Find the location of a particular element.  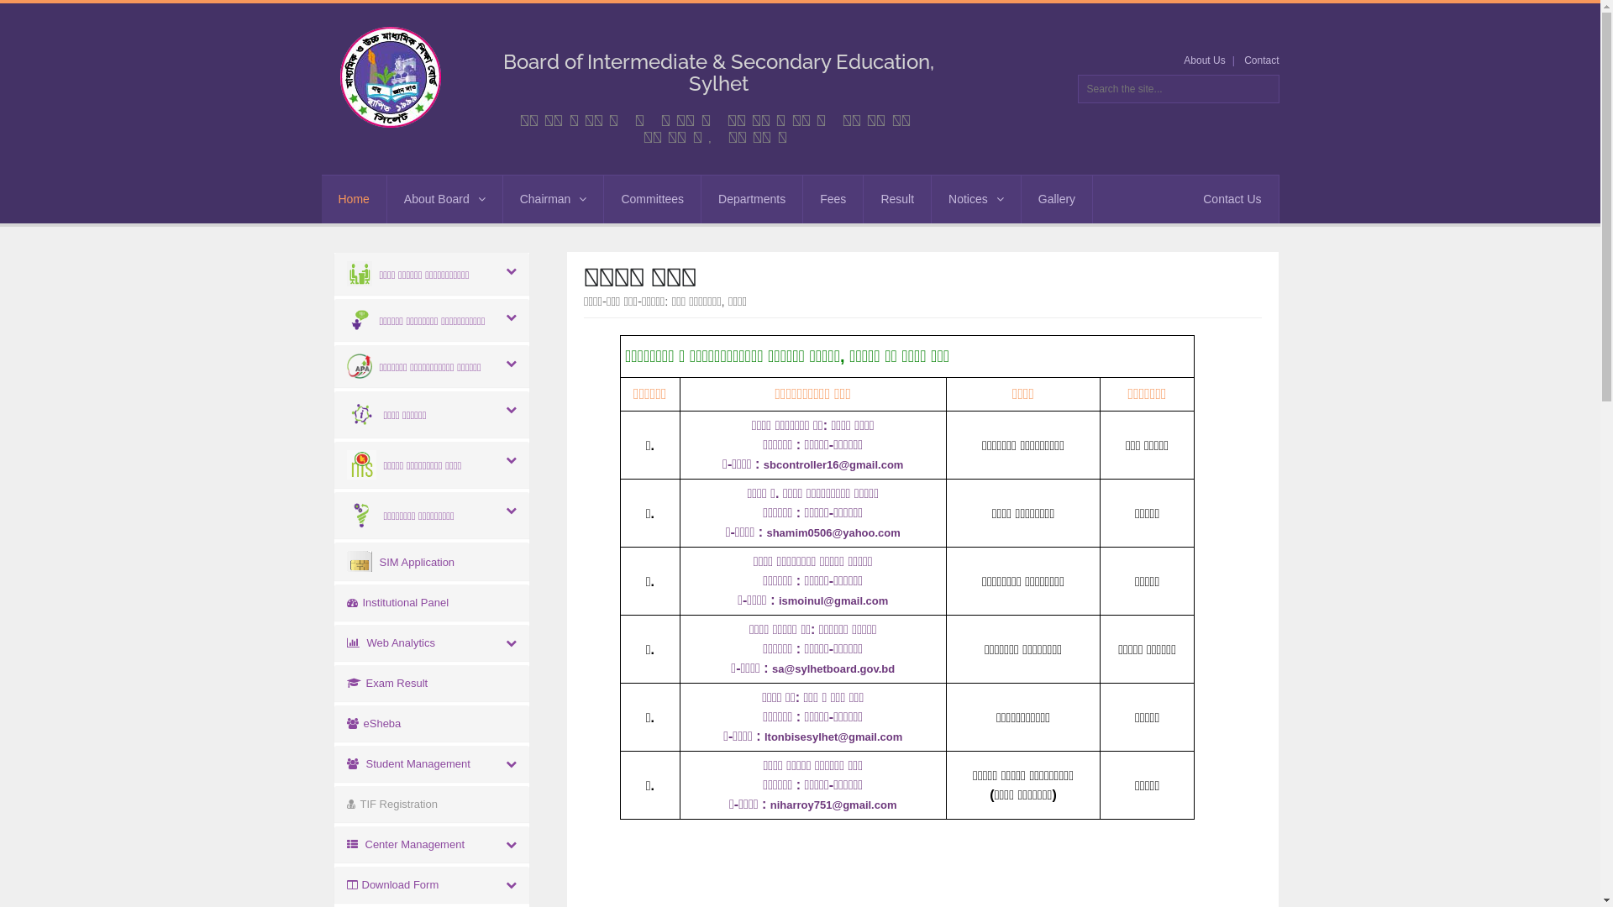

'Committees' is located at coordinates (604, 198).